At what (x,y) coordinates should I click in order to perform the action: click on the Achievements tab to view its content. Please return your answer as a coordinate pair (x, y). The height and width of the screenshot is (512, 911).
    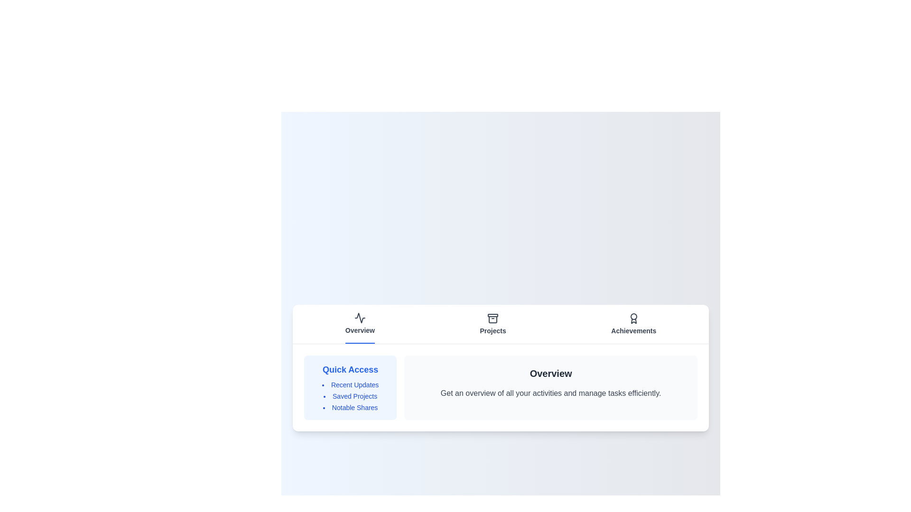
    Looking at the image, I should click on (633, 323).